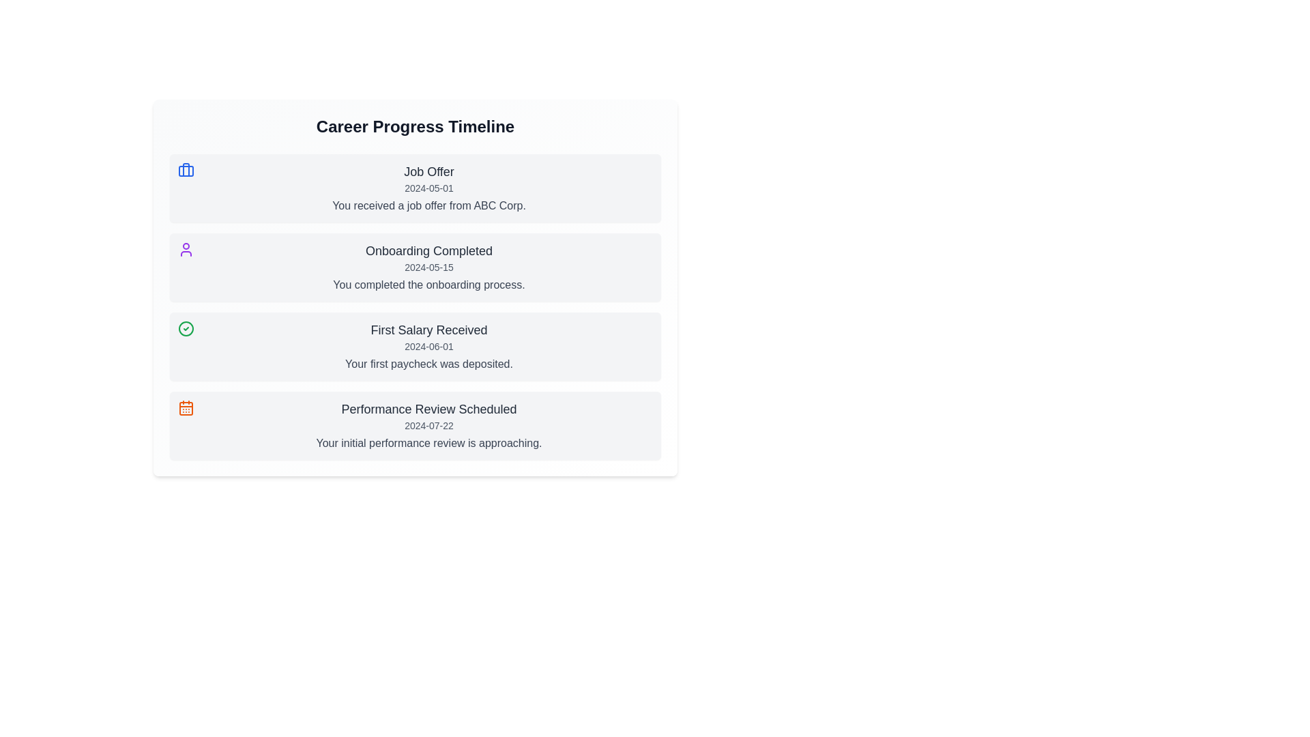 The height and width of the screenshot is (737, 1310). I want to click on informational text block regarding the job offer, which is the first item in the list below the 'Career Progress Timeline' header, so click(428, 188).